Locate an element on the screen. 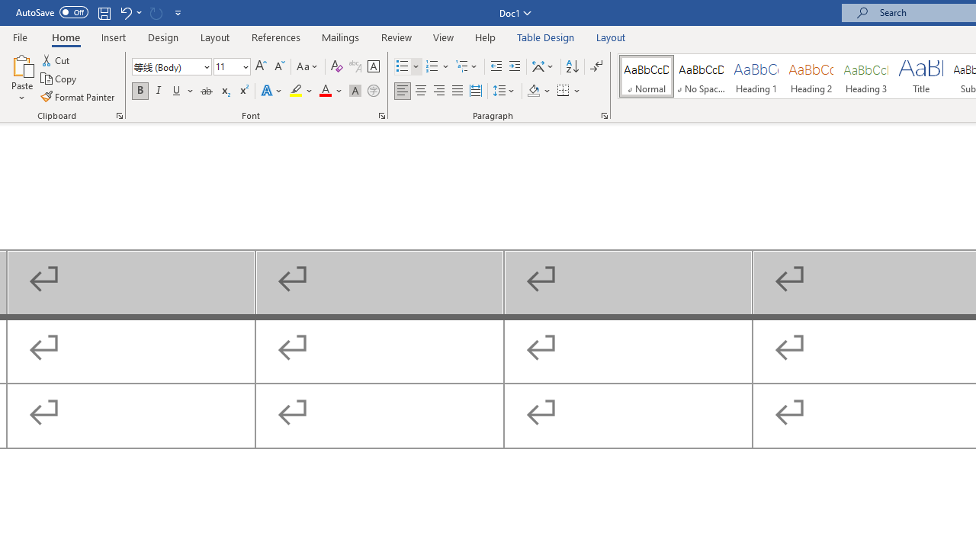 The height and width of the screenshot is (549, 976). 'Can' is located at coordinates (156, 12).